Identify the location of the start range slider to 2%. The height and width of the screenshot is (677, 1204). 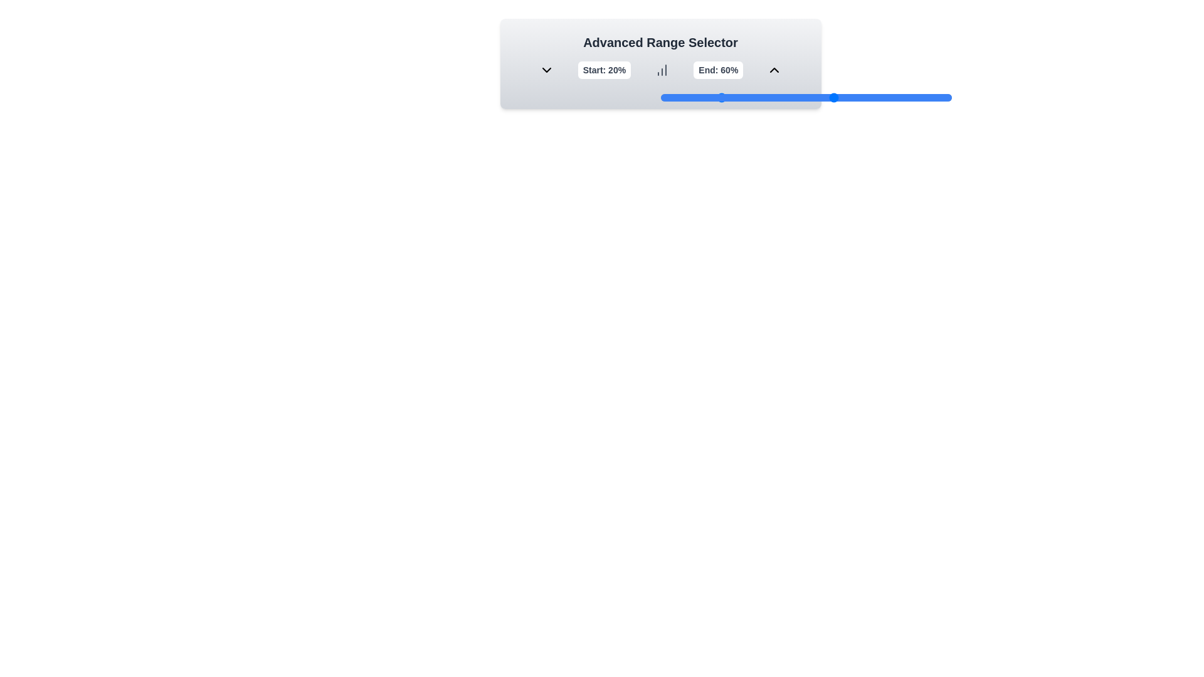
(665, 97).